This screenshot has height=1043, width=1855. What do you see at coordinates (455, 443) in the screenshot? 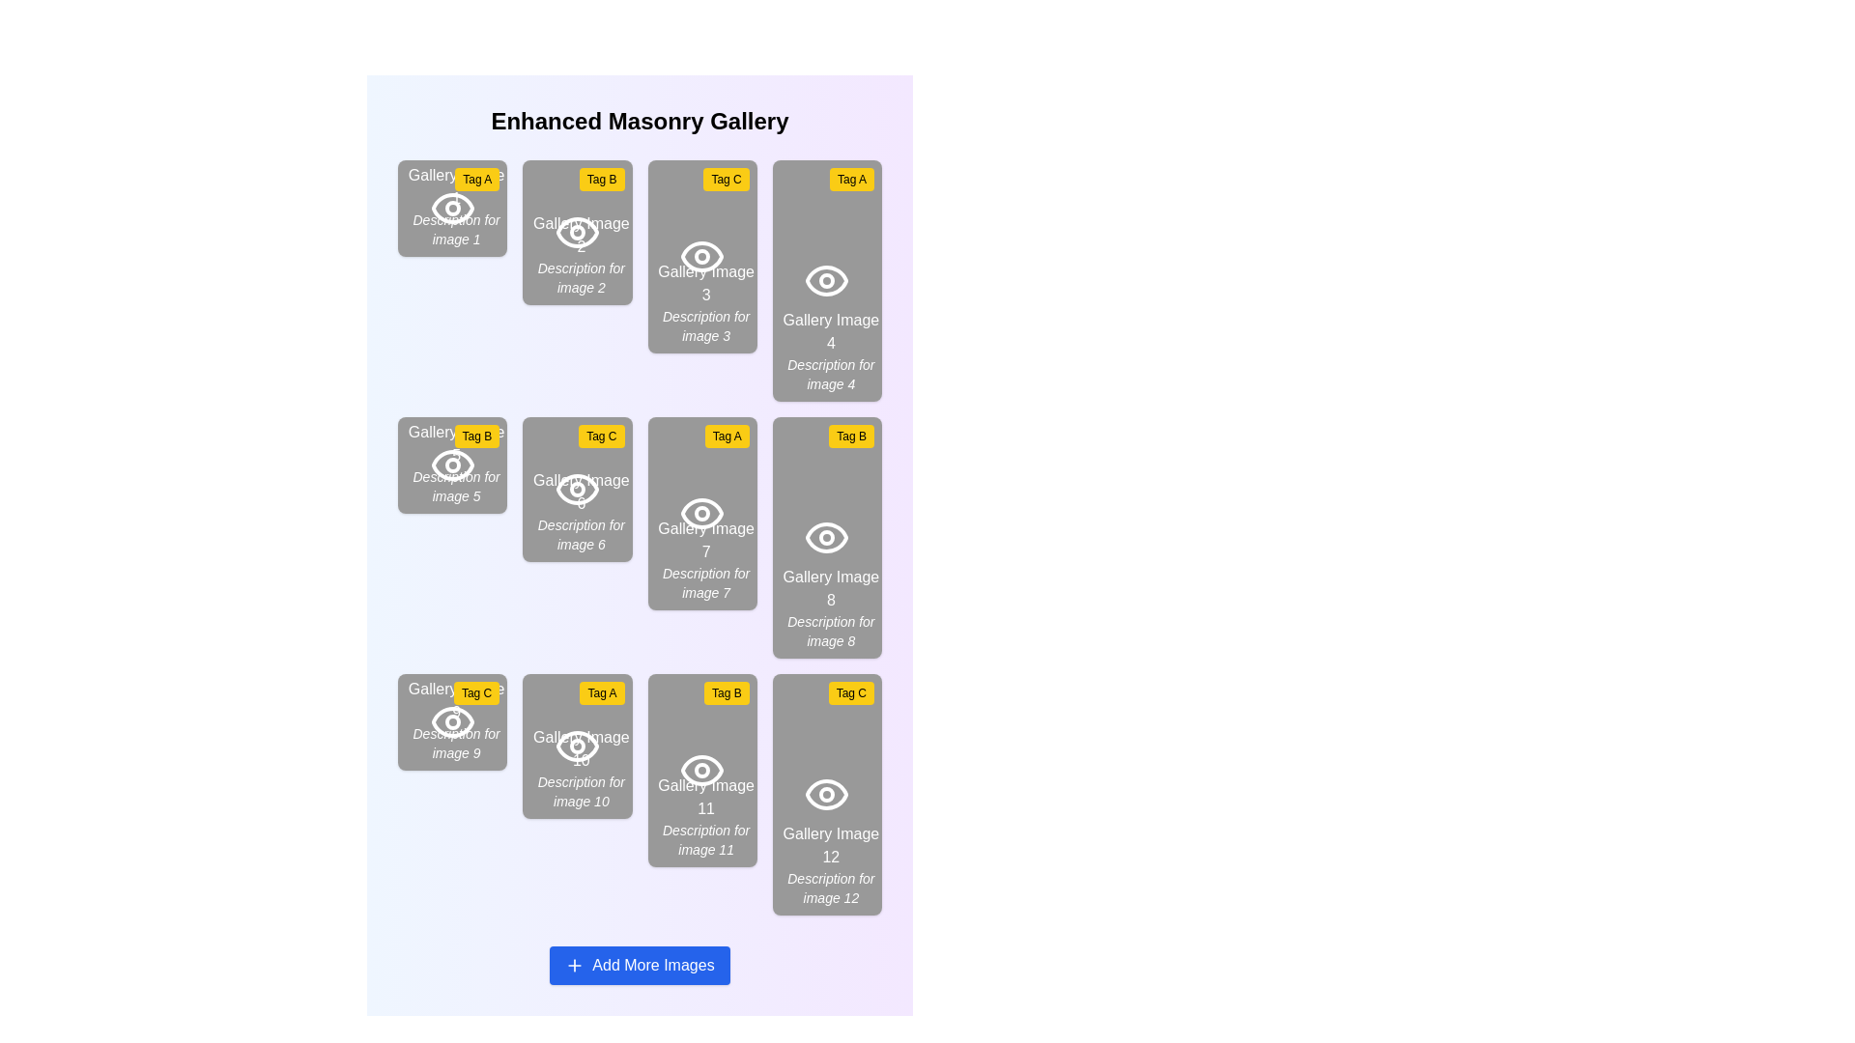
I see `the text label 'Gallery Image 5' which is prominently displayed in bold white font on a gray background, located in the second row, first column of a grid layout` at bounding box center [455, 443].